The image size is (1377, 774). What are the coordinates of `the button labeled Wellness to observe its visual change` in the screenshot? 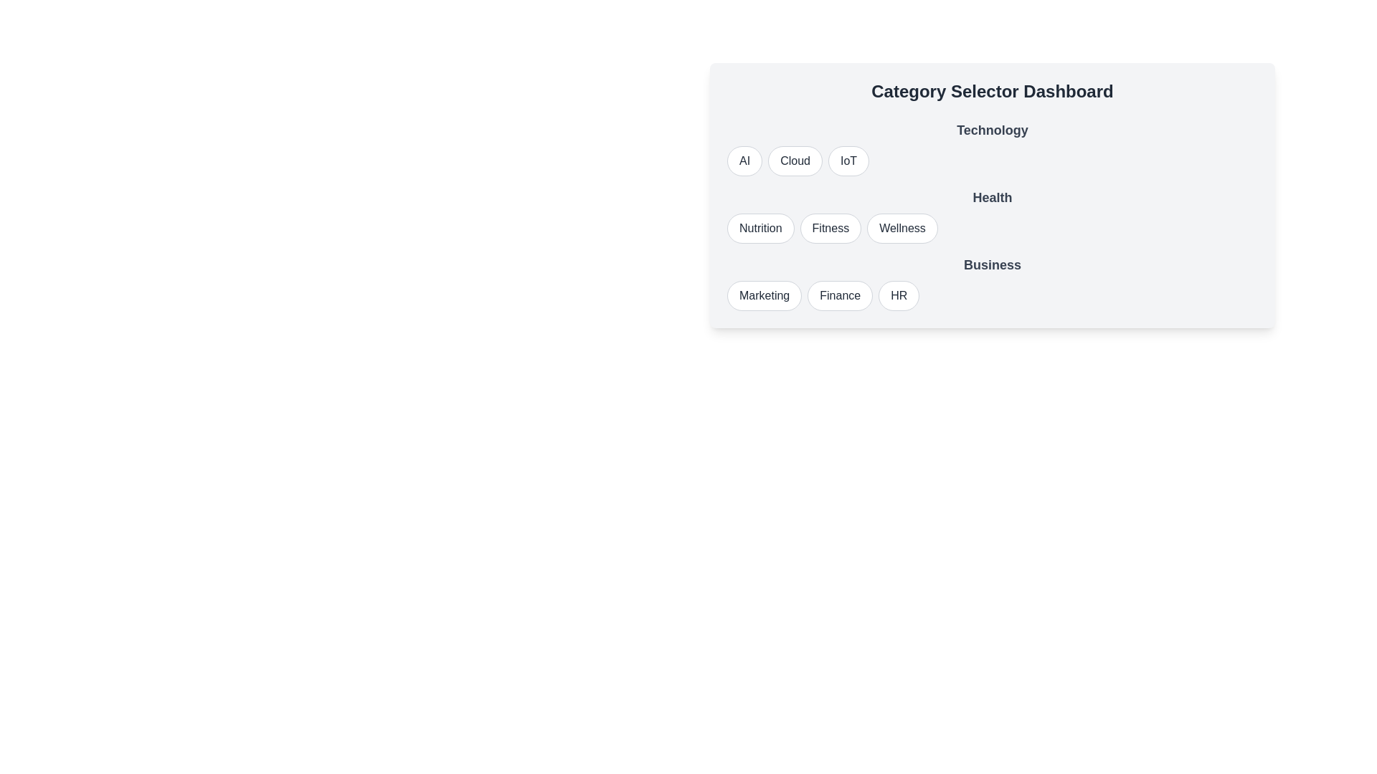 It's located at (901, 228).